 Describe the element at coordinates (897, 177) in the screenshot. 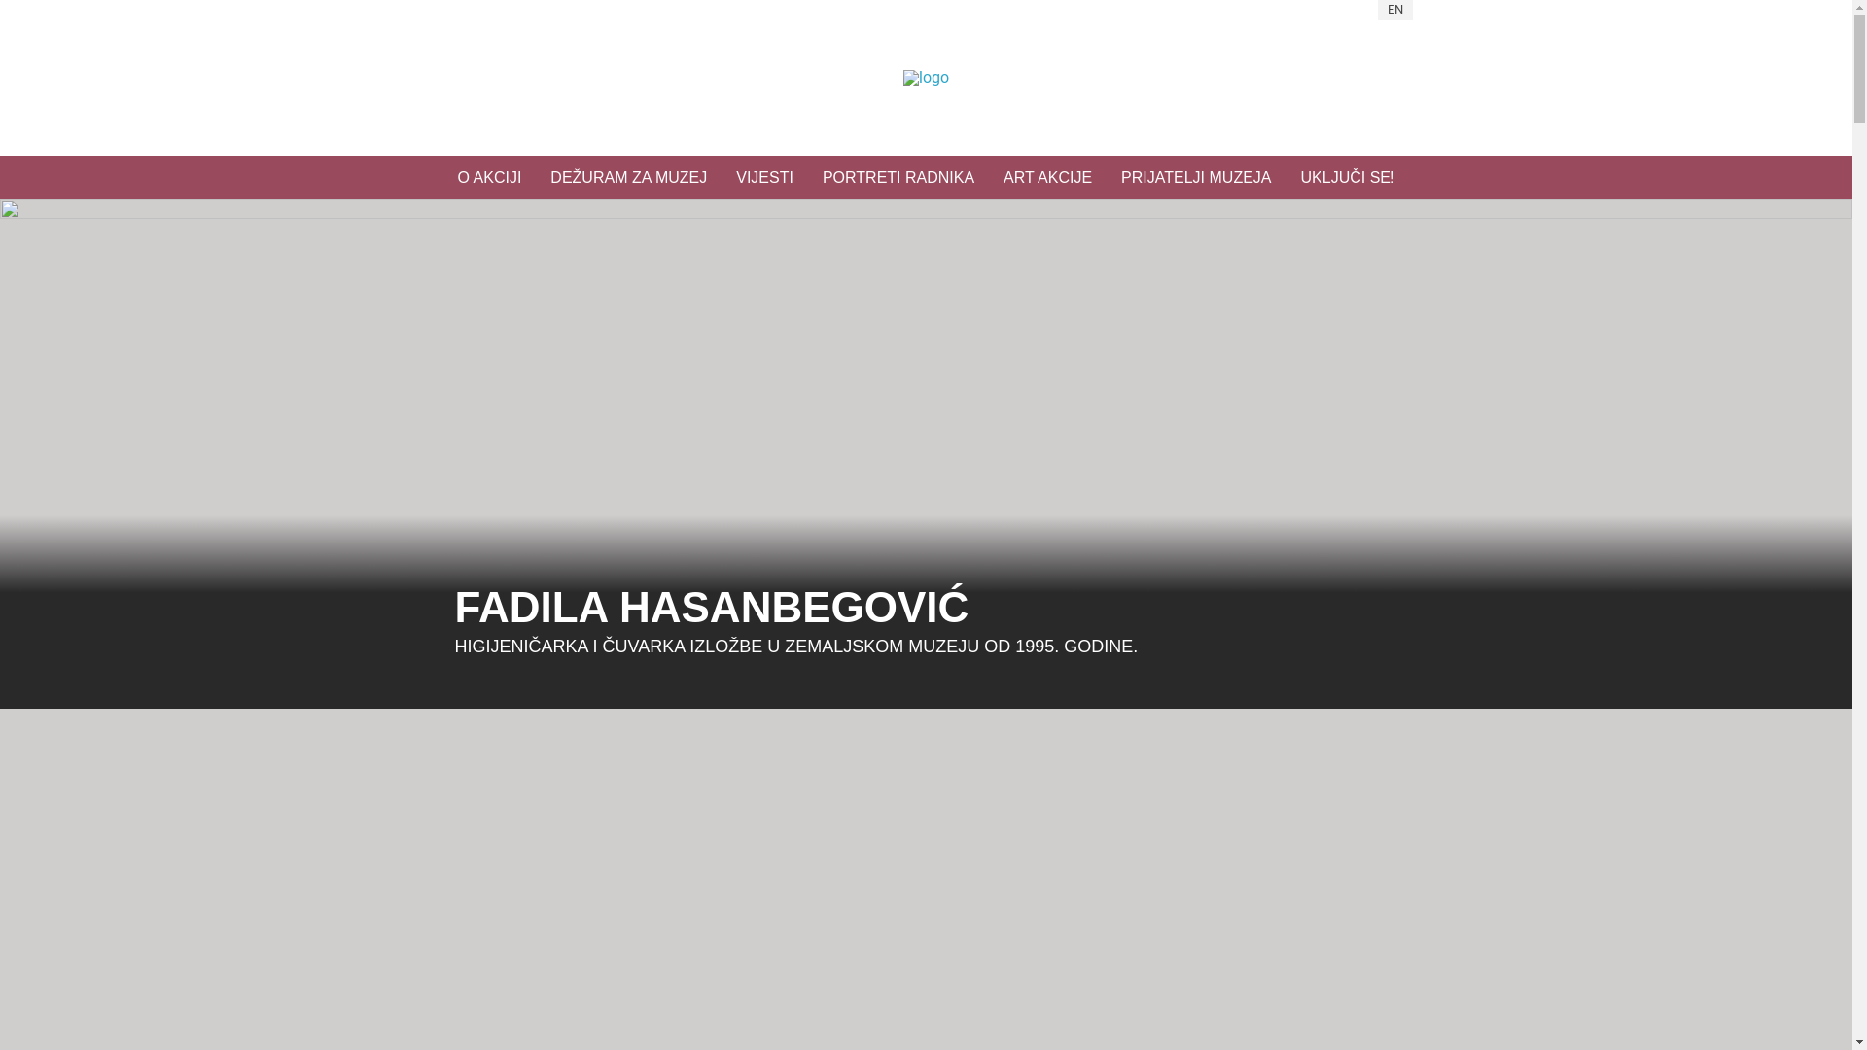

I see `'PORTRETI RADNIKA'` at that location.